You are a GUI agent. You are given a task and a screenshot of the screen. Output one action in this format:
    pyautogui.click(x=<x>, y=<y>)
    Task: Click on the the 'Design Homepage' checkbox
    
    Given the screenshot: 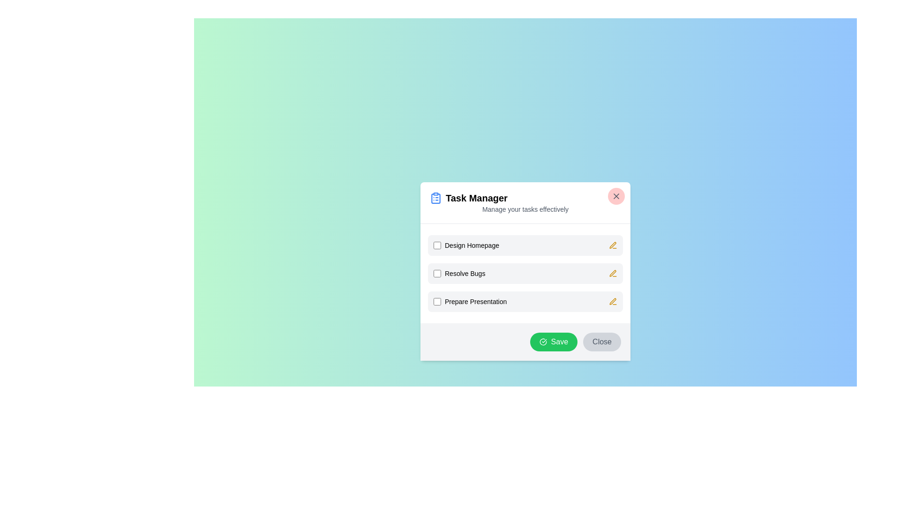 What is the action you would take?
    pyautogui.click(x=436, y=245)
    